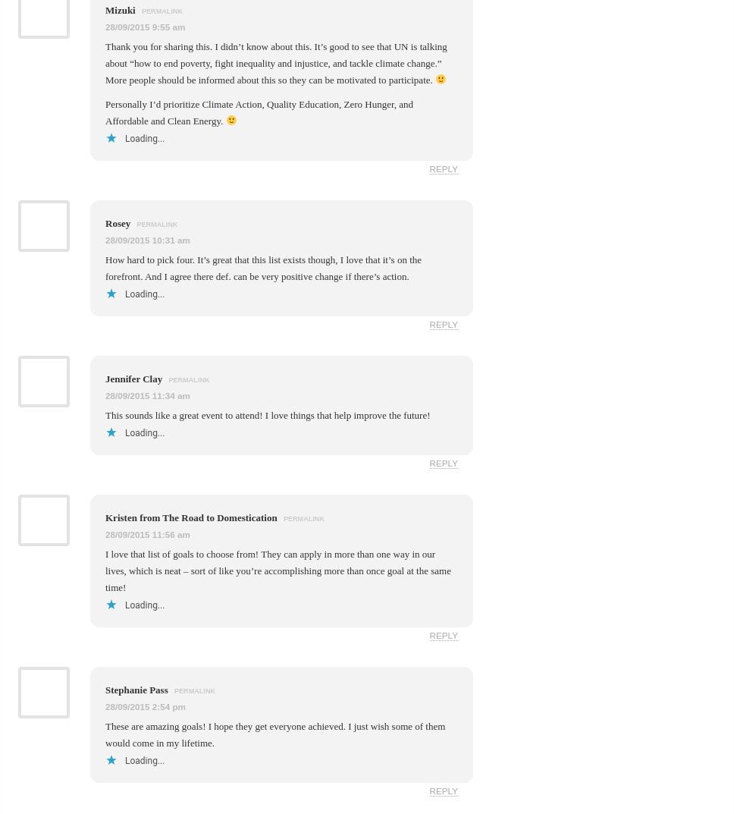 The height and width of the screenshot is (814, 734). I want to click on '28/09/2015 9:55 am', so click(105, 25).